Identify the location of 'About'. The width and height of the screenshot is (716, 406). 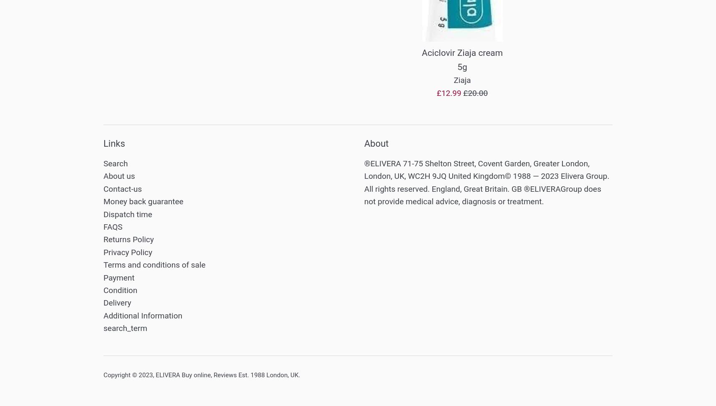
(363, 143).